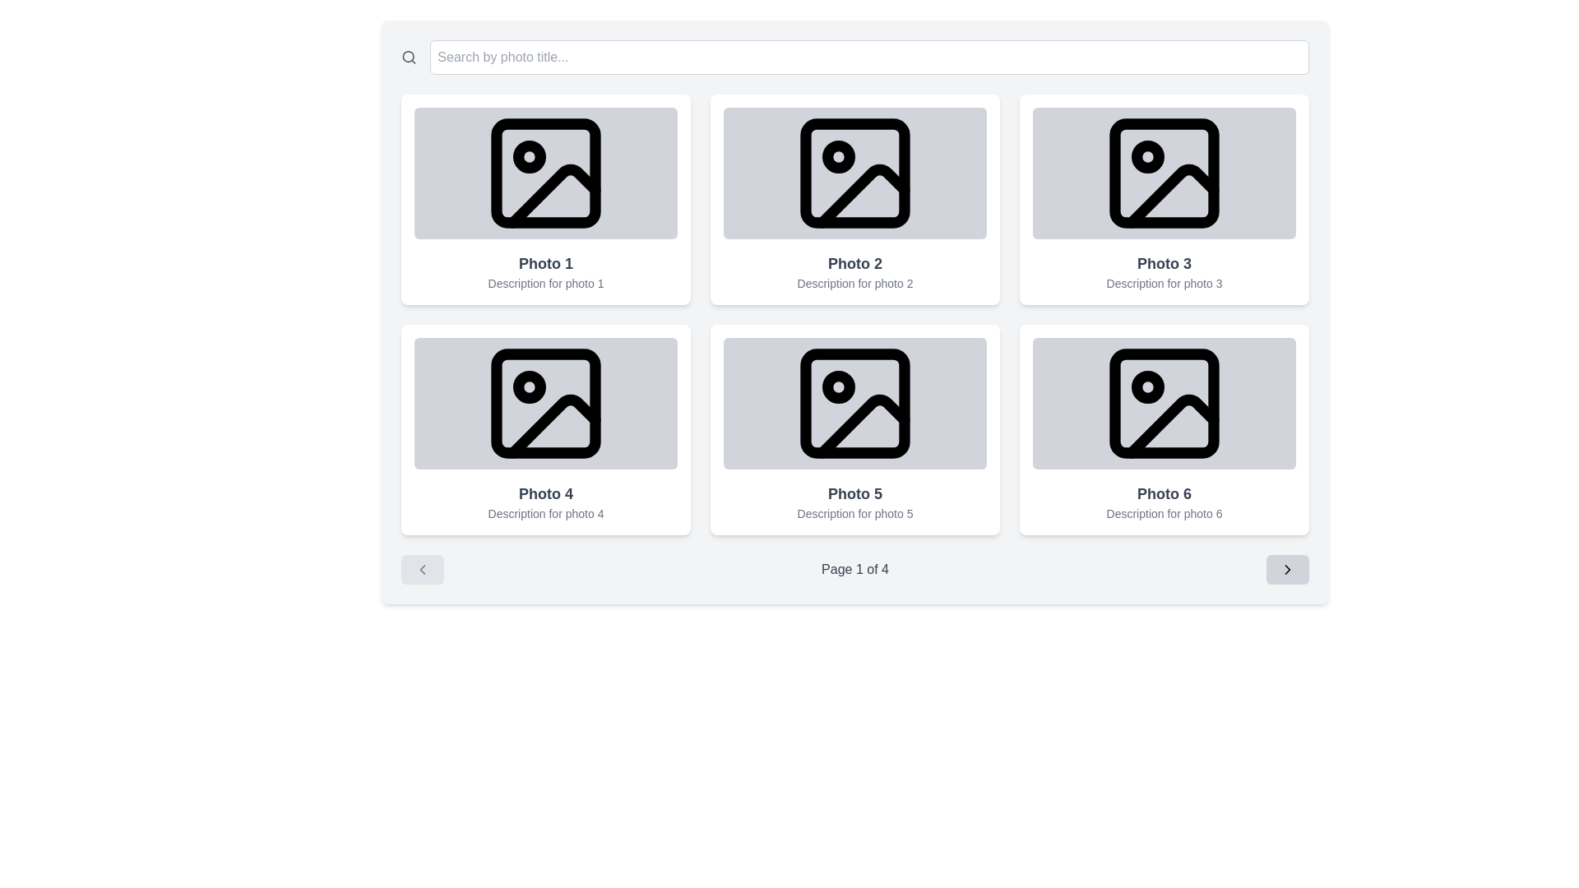  Describe the element at coordinates (1286, 569) in the screenshot. I see `the Icon (Chevron Right) located in the bottom-right corner of the grid-like image gallery` at that location.